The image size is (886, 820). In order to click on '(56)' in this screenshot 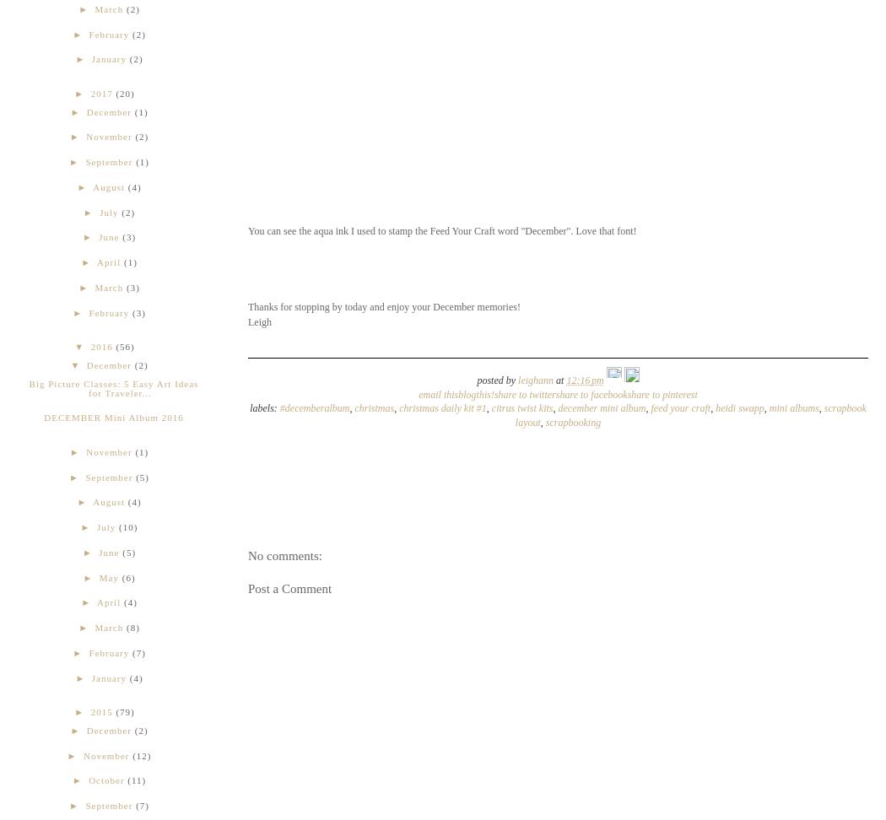, I will do `click(124, 346)`.